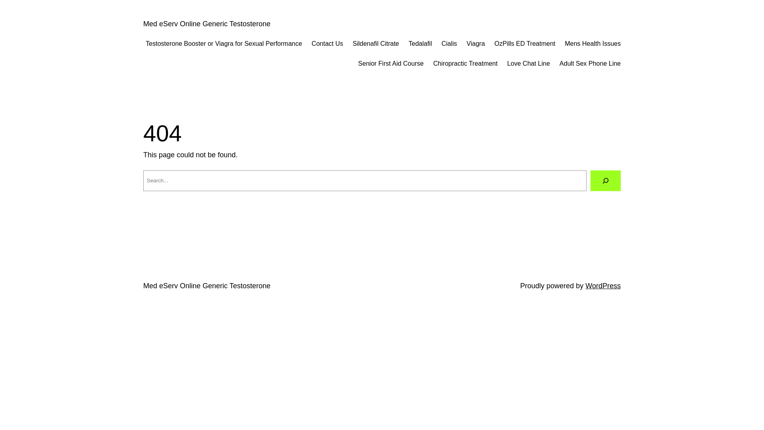 This screenshot has height=430, width=764. I want to click on 'Testosterone Booster or Viagra for Sexual Performance', so click(223, 44).